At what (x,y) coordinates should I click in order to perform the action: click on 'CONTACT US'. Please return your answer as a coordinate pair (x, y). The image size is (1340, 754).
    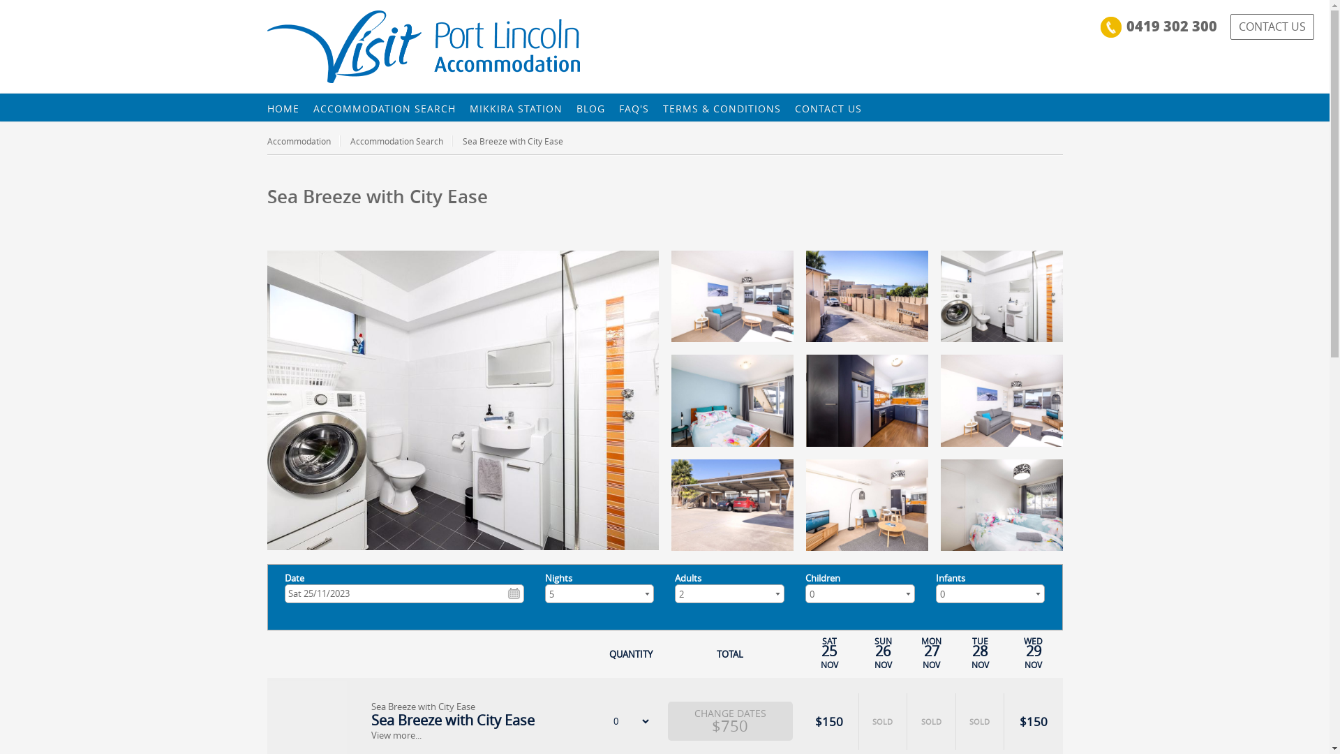
    Looking at the image, I should click on (1272, 27).